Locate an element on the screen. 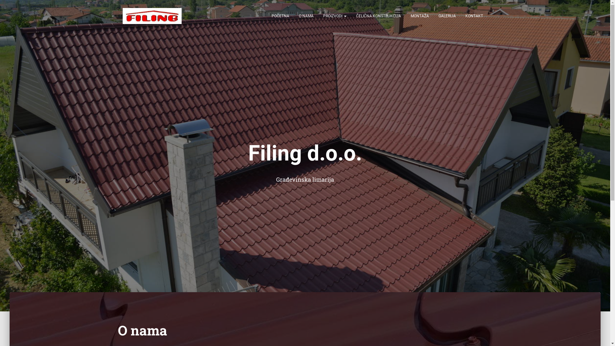 This screenshot has height=346, width=615. 'Filing' is located at coordinates (152, 16).